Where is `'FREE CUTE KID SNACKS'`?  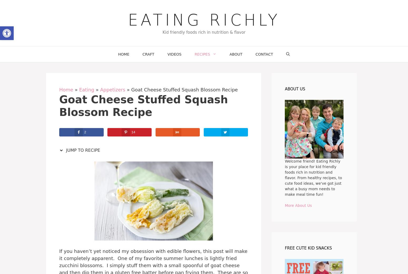 'FREE CUTE KID SNACKS' is located at coordinates (308, 248).